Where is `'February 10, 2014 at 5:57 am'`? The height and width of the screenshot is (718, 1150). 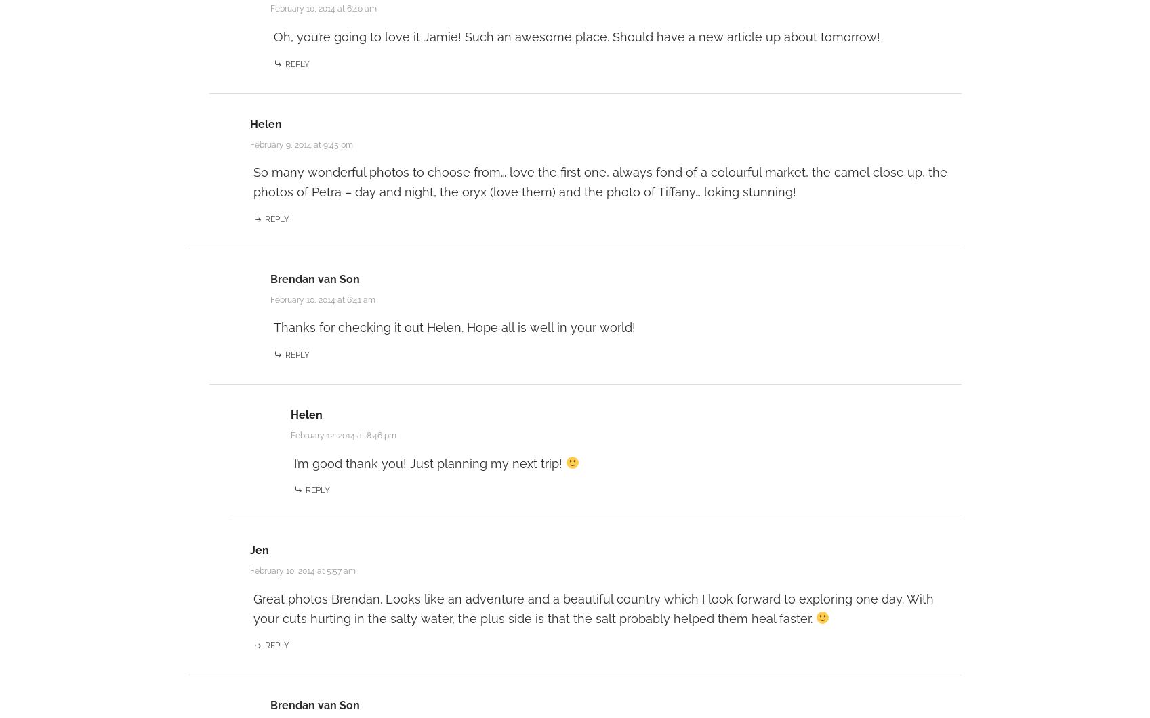 'February 10, 2014 at 5:57 am' is located at coordinates (301, 570).